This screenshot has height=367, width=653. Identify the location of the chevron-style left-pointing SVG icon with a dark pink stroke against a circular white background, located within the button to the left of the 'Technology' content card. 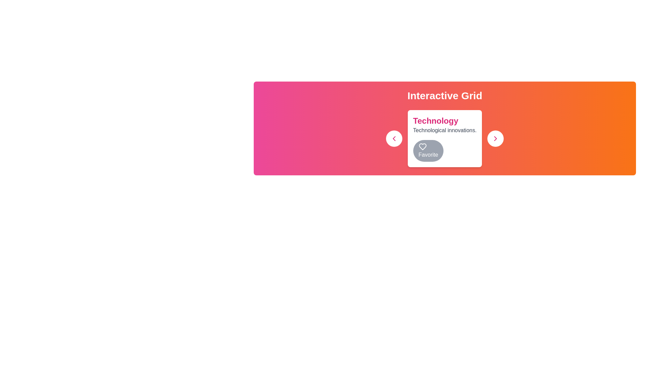
(394, 138).